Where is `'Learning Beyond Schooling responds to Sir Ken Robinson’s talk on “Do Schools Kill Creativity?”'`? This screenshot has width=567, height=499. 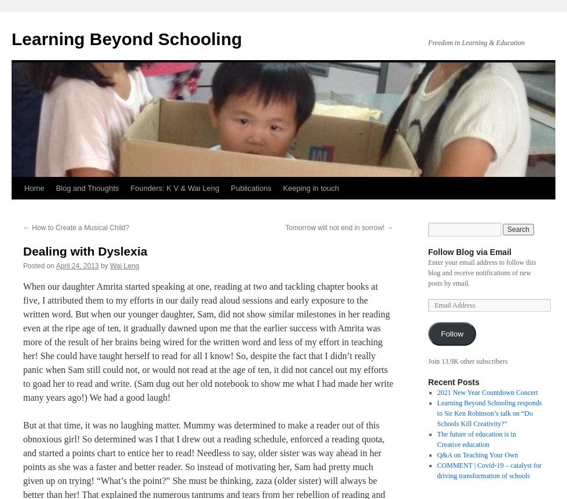 'Learning Beyond Schooling responds to Sir Ken Robinson’s talk on “Do Schools Kill Creativity?”' is located at coordinates (436, 413).